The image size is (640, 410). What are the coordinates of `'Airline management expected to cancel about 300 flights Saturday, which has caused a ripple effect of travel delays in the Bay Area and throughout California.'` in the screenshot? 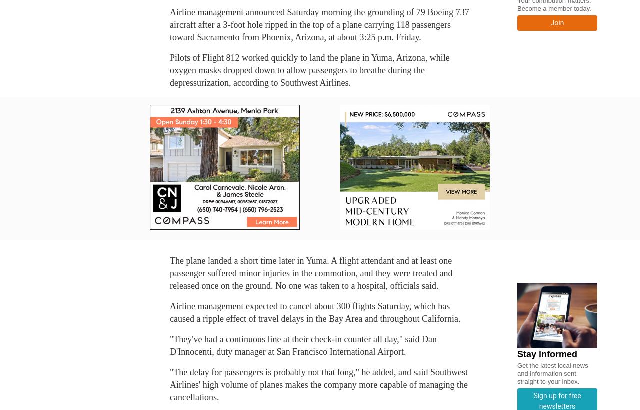 It's located at (169, 312).